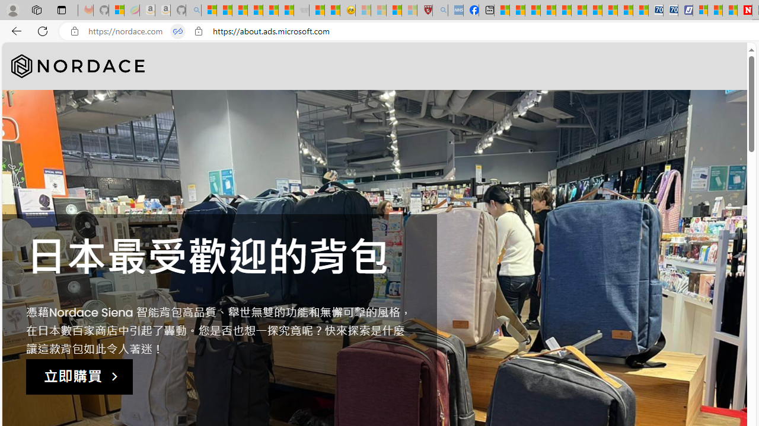 This screenshot has width=759, height=426. I want to click on 'New Report Confirms 2023 Was Record Hot | Watch', so click(270, 10).